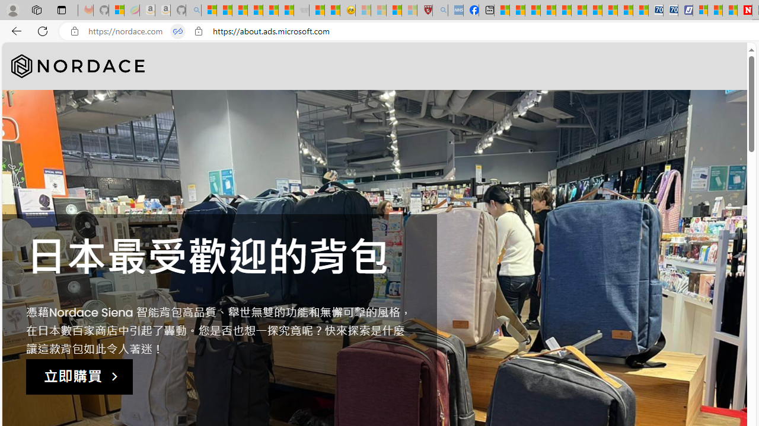 This screenshot has width=759, height=426. I want to click on 'New Report Confirms 2023 Was Record Hot | Watch', so click(270, 10).